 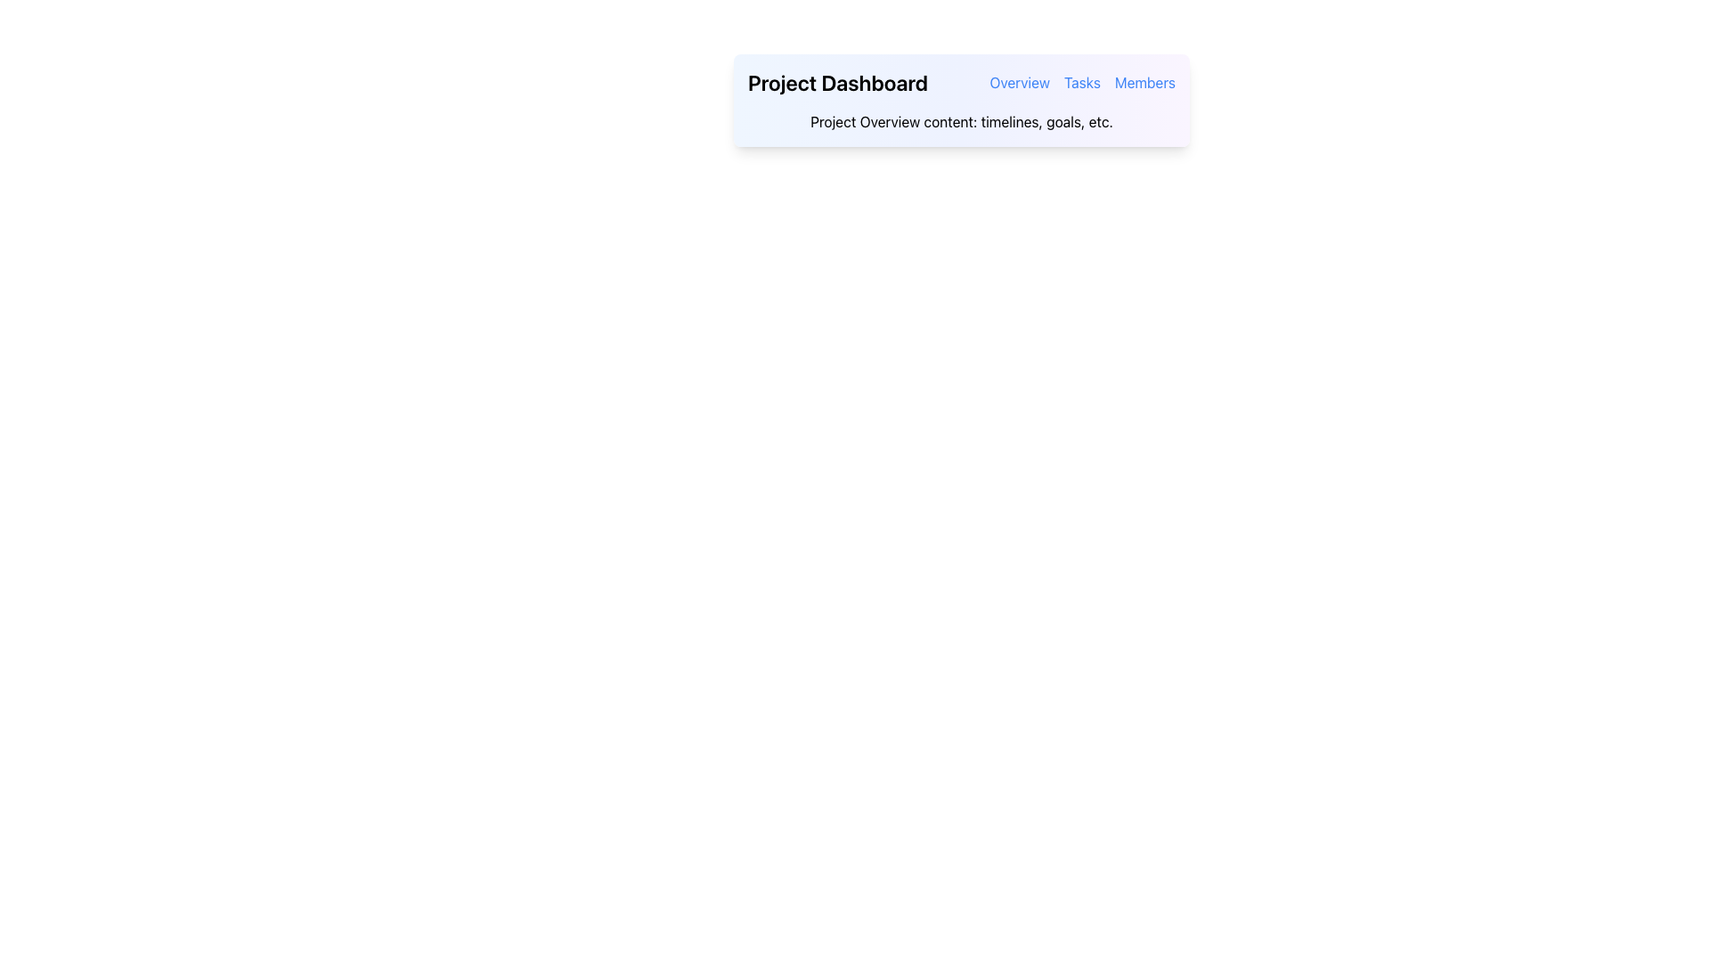 I want to click on the 'Members' text link in the top-right navigation bar, so click(x=1145, y=82).